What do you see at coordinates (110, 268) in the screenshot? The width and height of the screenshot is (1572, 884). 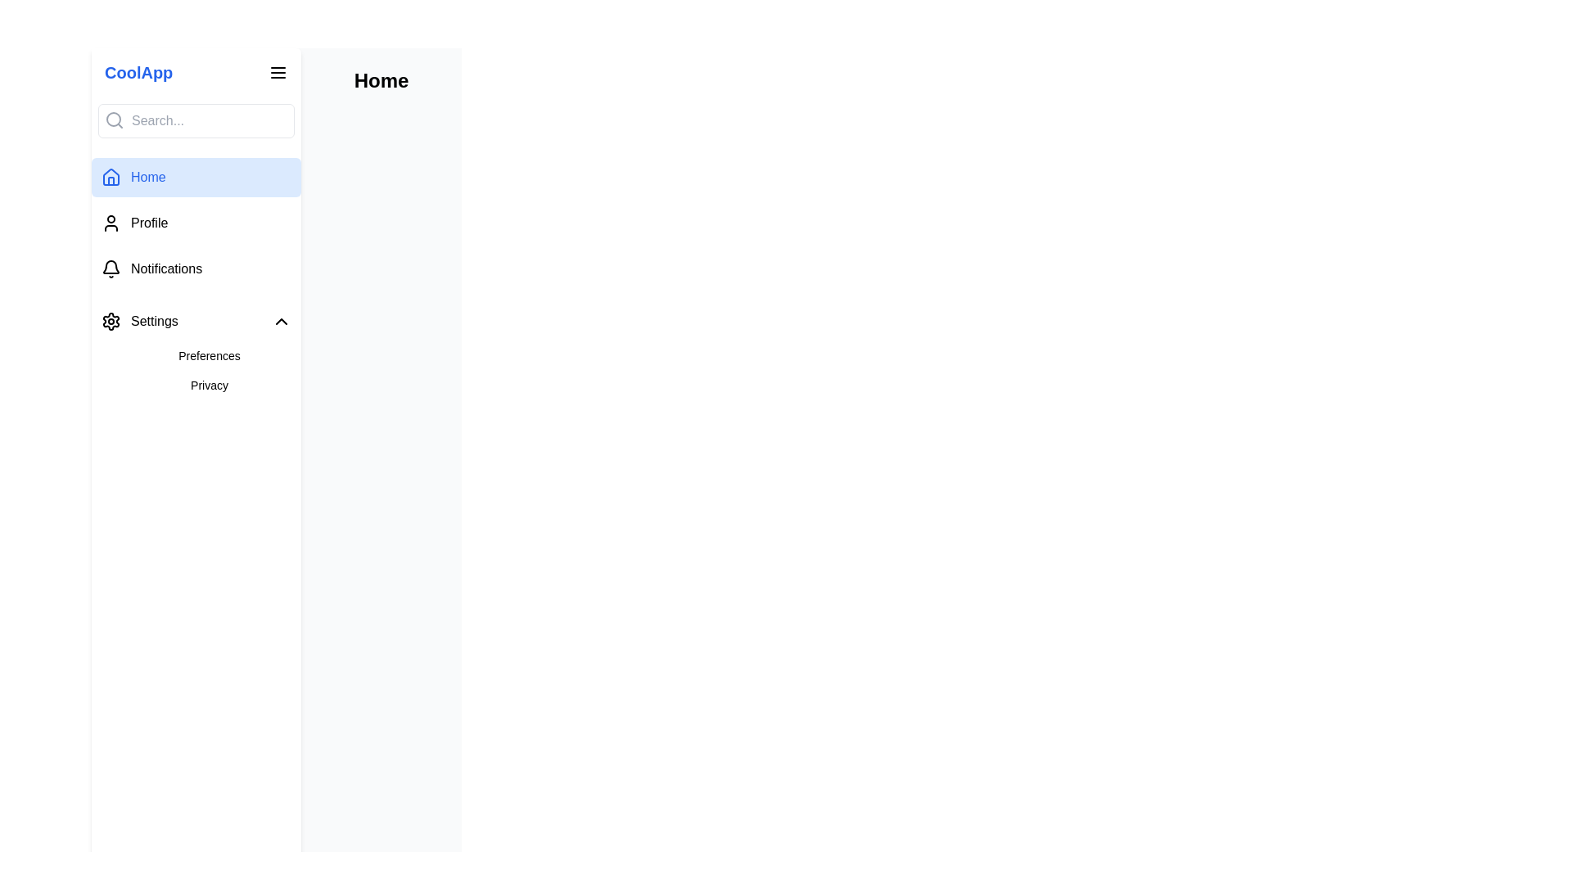 I see `the bell-shaped icon in the left navigation panel, which symbolizes notifications, positioned above the 'Settings' entry and below the 'Profile' entry` at bounding box center [110, 268].